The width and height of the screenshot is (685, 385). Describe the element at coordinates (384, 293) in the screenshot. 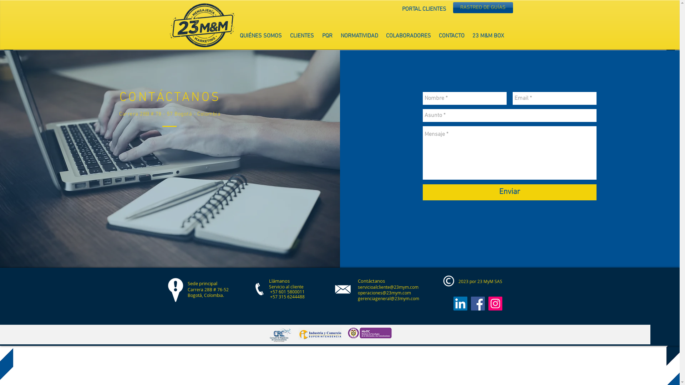

I see `'operaciones@23mym.com'` at that location.